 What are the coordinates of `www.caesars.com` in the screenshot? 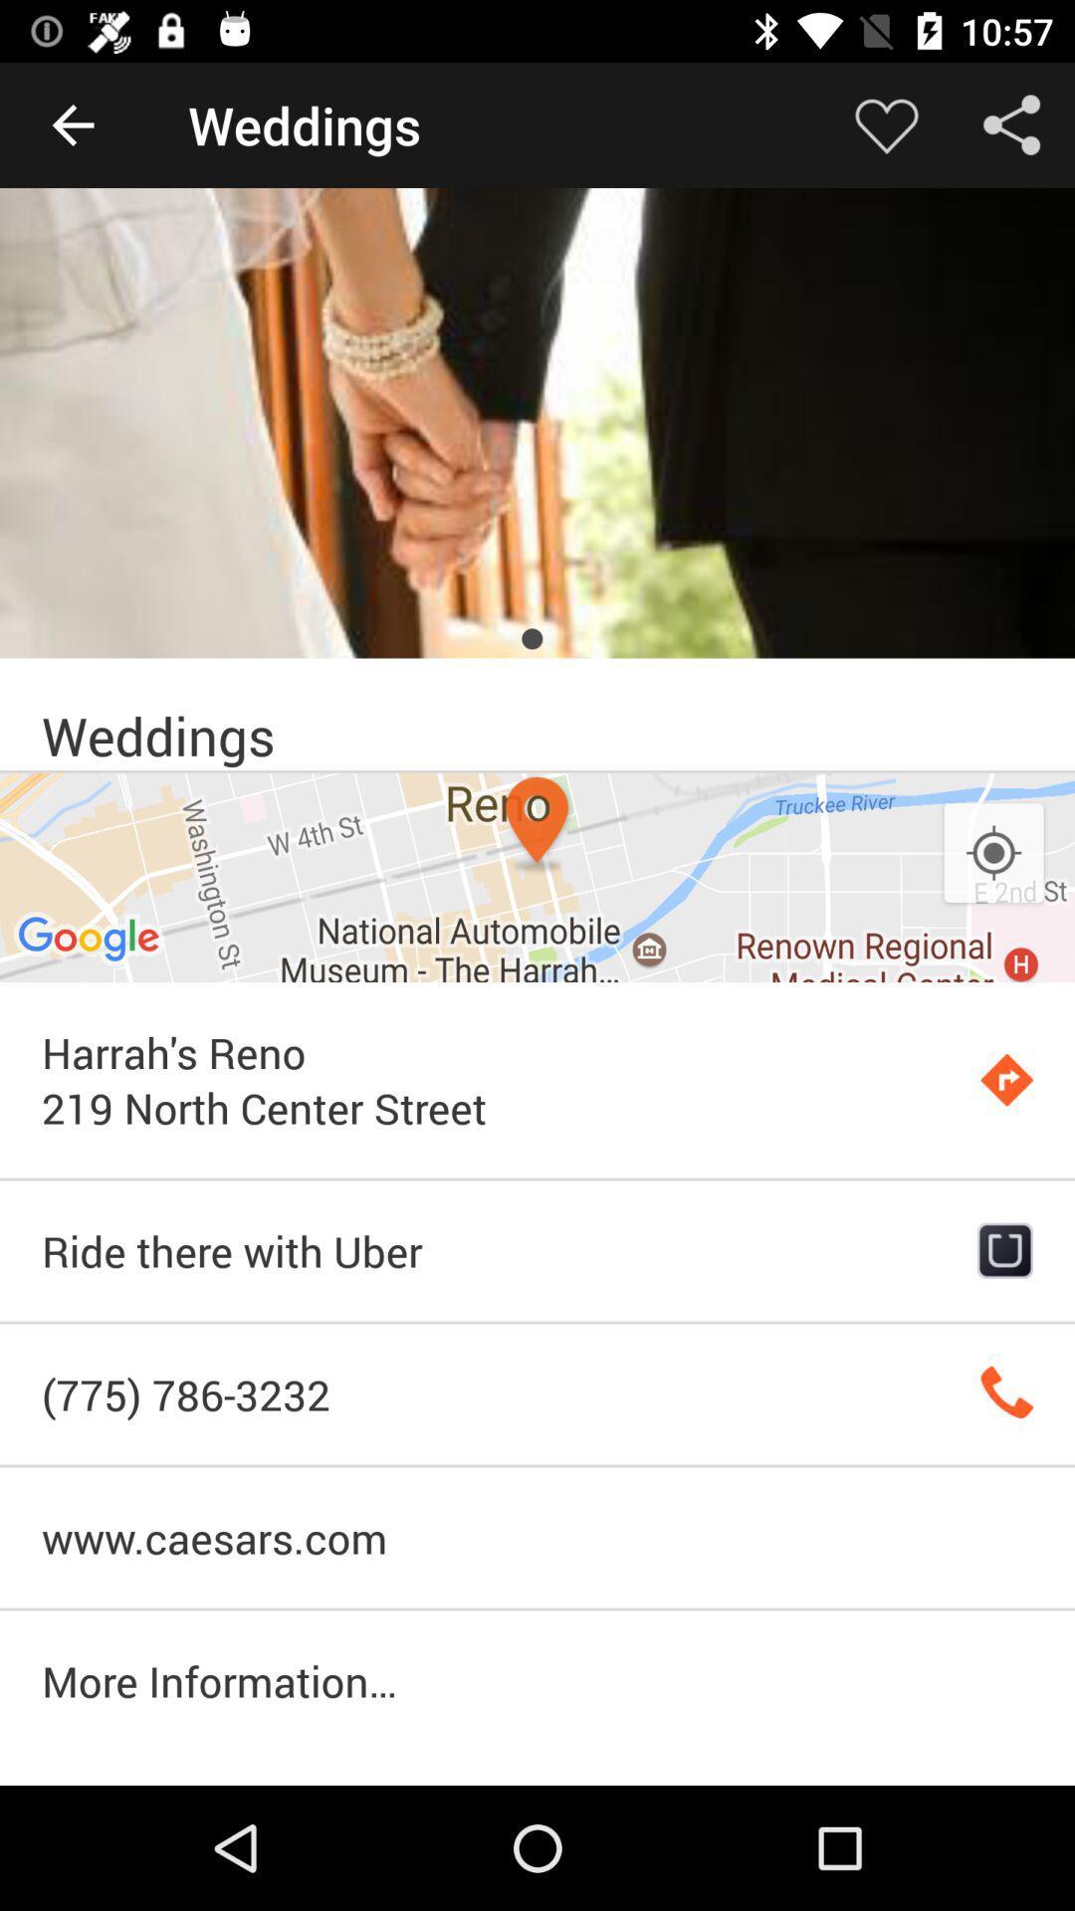 It's located at (537, 1537).